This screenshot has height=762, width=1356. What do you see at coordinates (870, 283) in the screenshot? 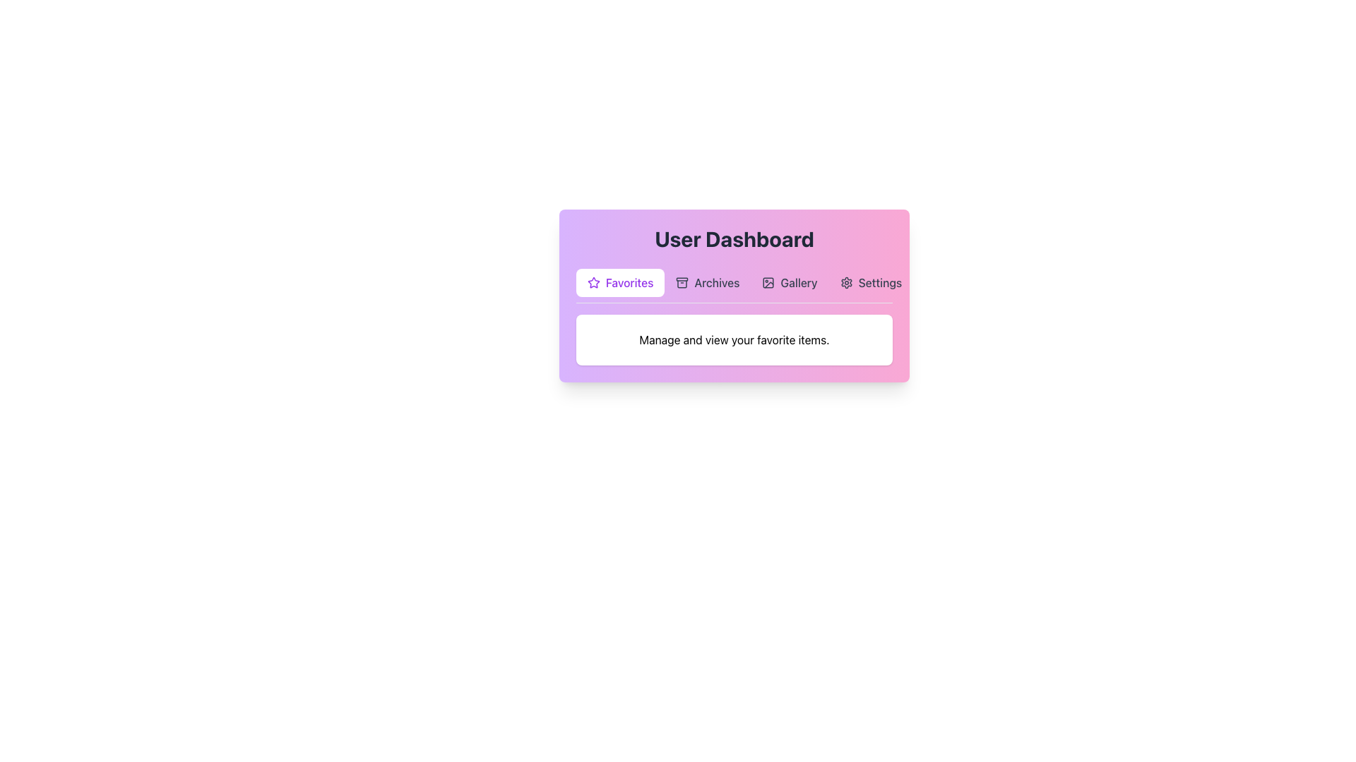
I see `the 'Settings' button located in the horizontal navigation menu below 'User Dashboard'` at bounding box center [870, 283].